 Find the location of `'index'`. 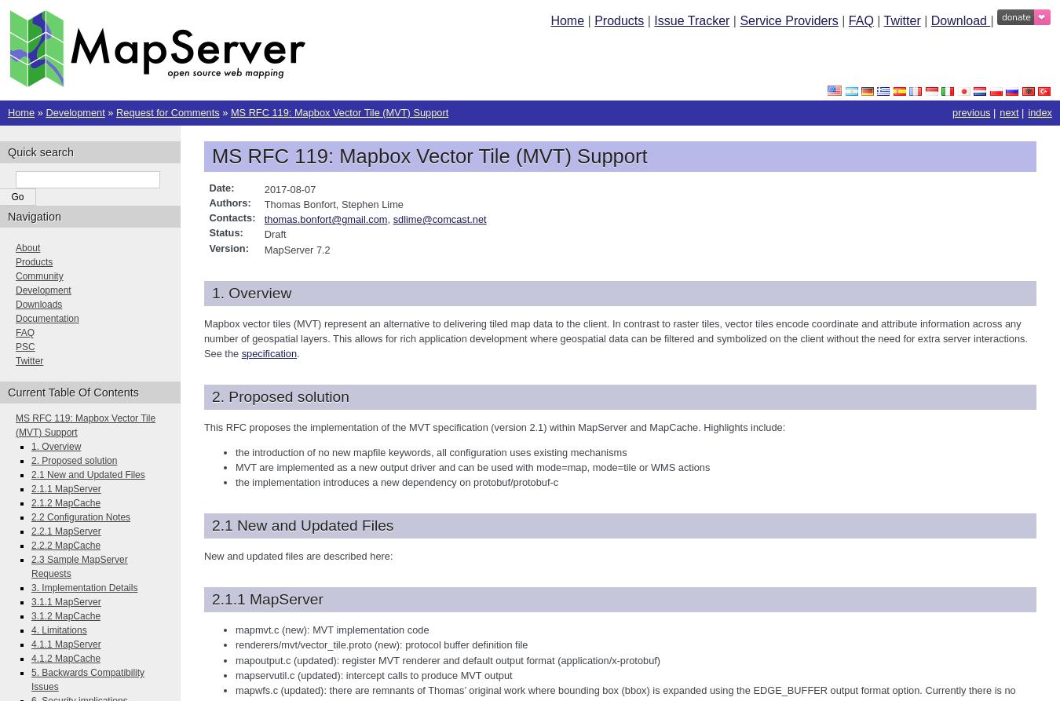

'index' is located at coordinates (1040, 112).